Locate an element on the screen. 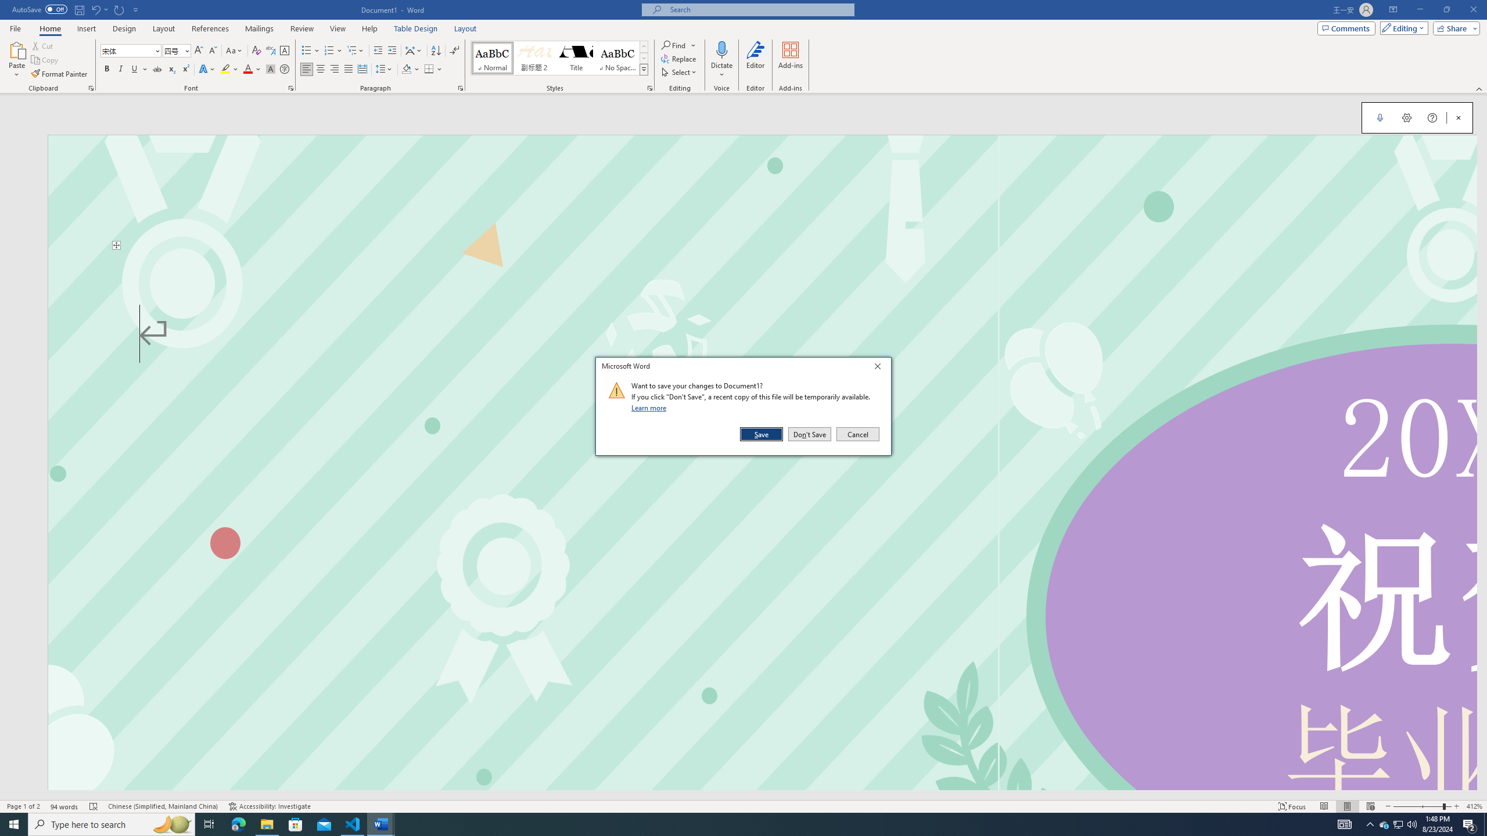 This screenshot has height=836, width=1487. 'Spelling and Grammar Check Errors' is located at coordinates (23, 806).